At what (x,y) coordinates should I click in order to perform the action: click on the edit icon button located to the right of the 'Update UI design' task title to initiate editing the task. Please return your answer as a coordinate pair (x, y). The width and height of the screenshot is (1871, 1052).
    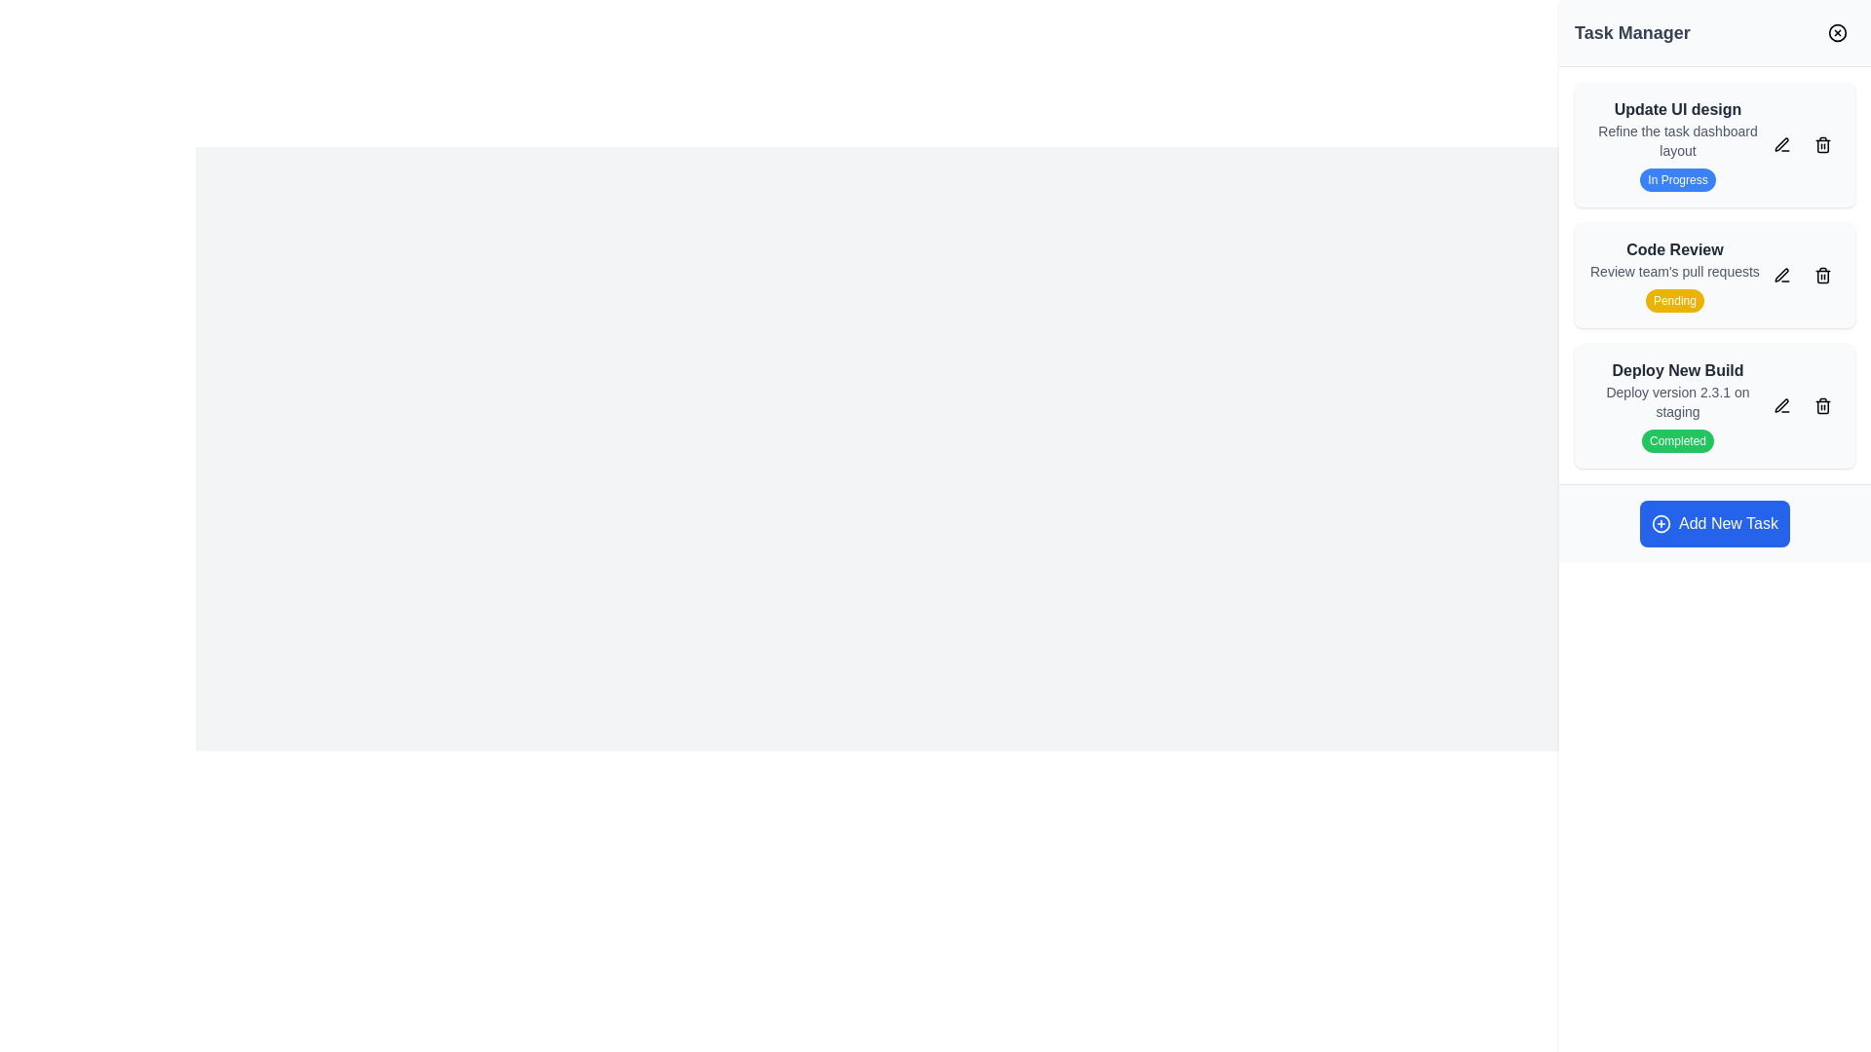
    Looking at the image, I should click on (1781, 144).